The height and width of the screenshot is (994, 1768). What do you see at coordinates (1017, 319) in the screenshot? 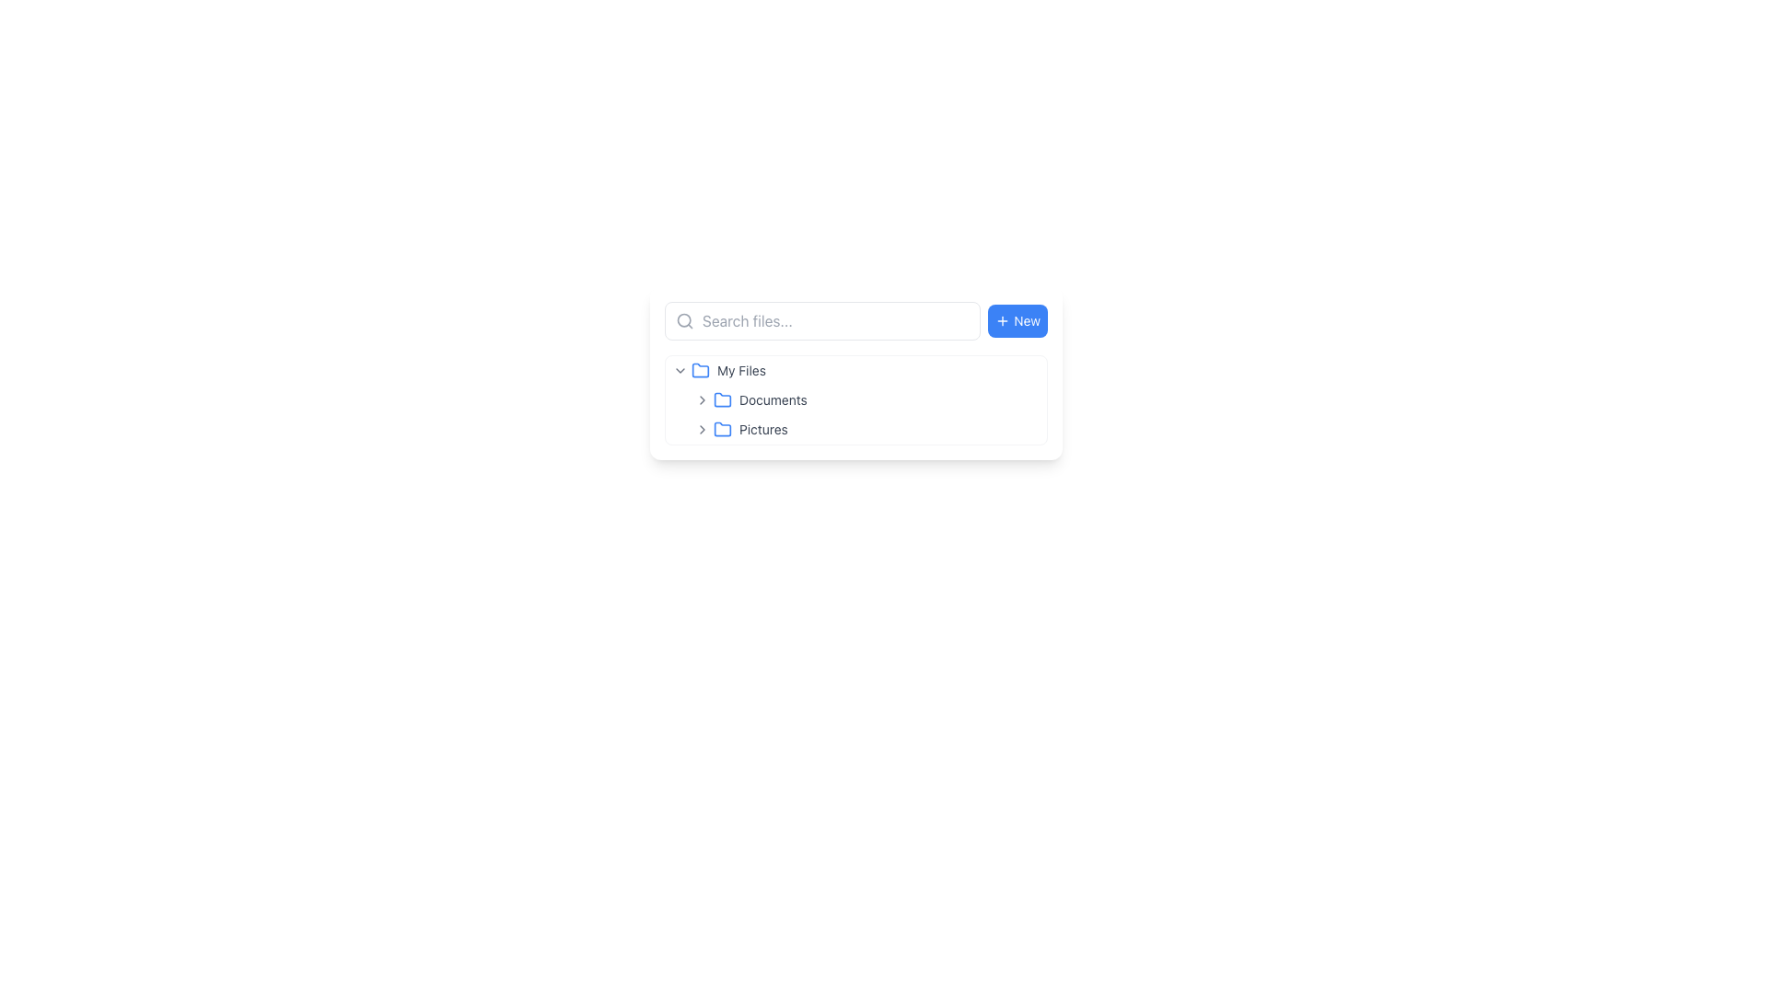
I see `the blue rounded button with a white plus icon and the text 'New' to activate it` at bounding box center [1017, 319].